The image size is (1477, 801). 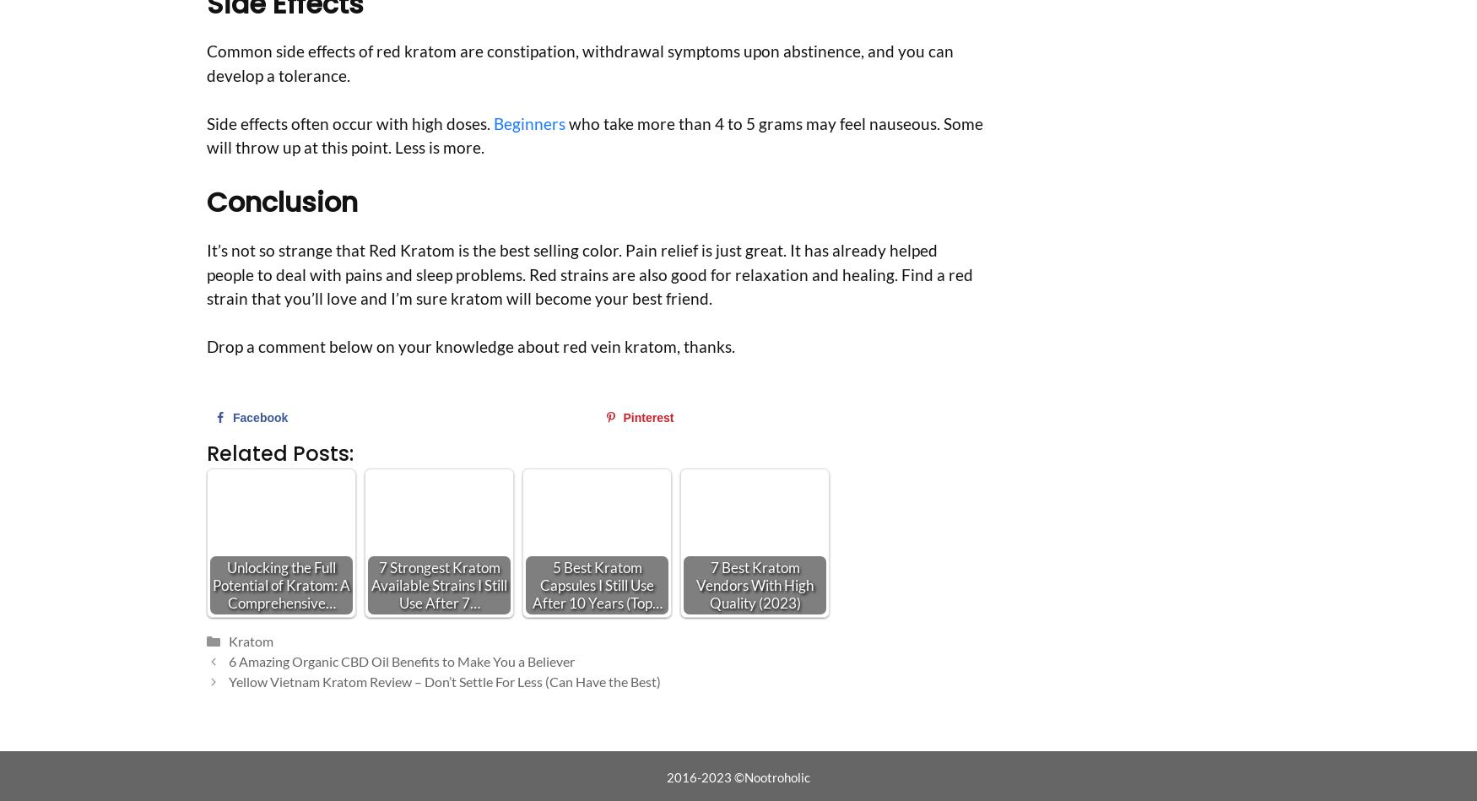 What do you see at coordinates (349, 123) in the screenshot?
I see `'Side effects often occur with high doses.'` at bounding box center [349, 123].